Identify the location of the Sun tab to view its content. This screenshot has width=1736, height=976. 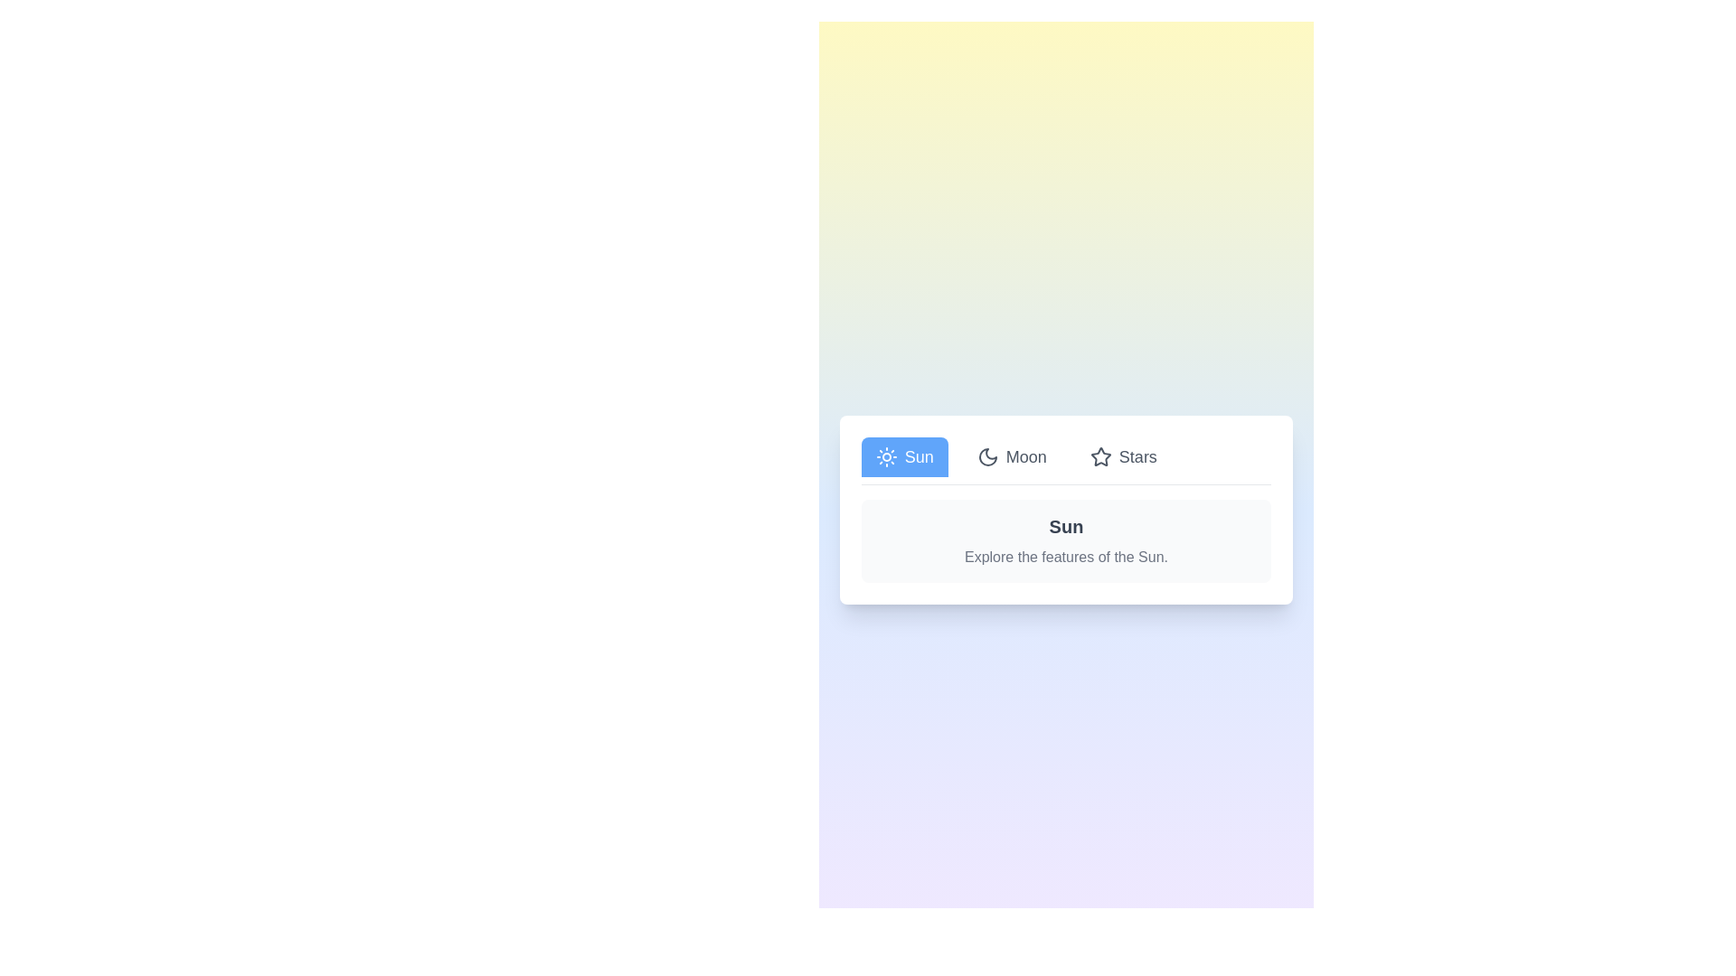
(904, 455).